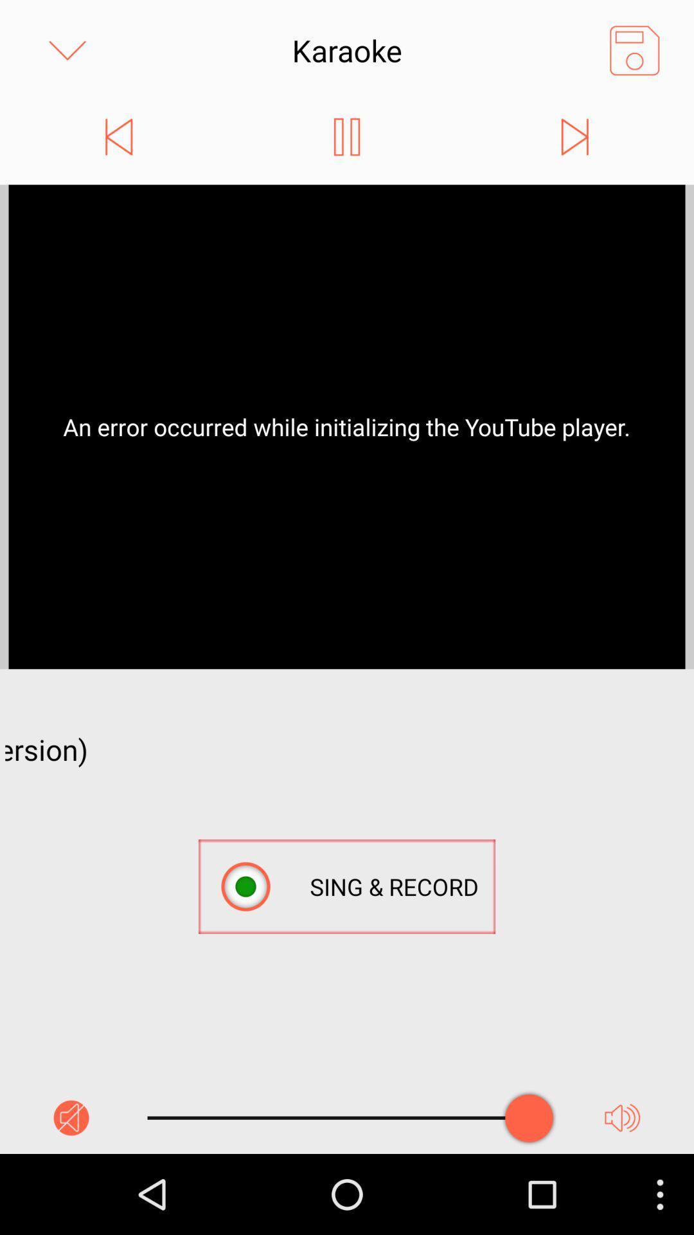 The width and height of the screenshot is (694, 1235). Describe the element at coordinates (119, 136) in the screenshot. I see `previous icon` at that location.